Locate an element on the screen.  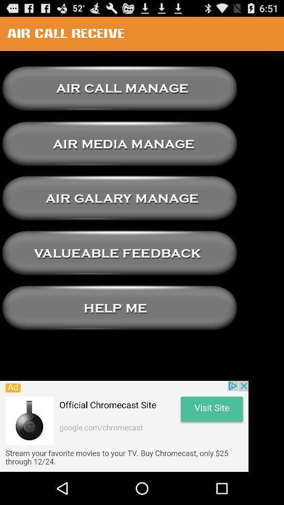
add button is located at coordinates (124, 426).